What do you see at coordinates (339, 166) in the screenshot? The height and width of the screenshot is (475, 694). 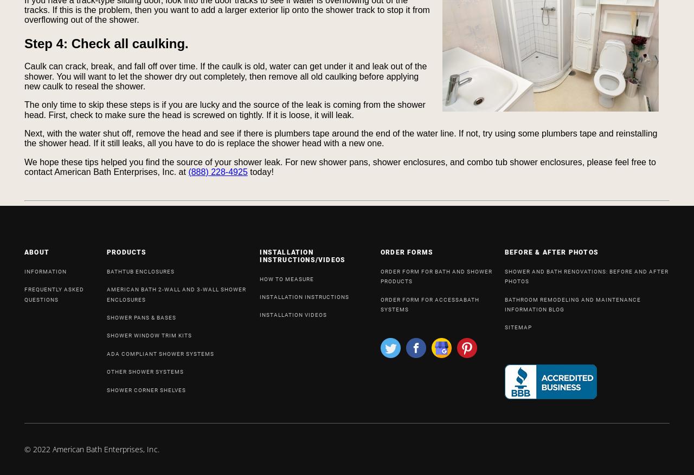 I see `'We hope these tips helped you find the source of your shower leak. For new shower pans, shower enclosures, and combo tub shower enclosures, please feel free to contact American Bath Enterprises, Inc. at'` at bounding box center [339, 166].